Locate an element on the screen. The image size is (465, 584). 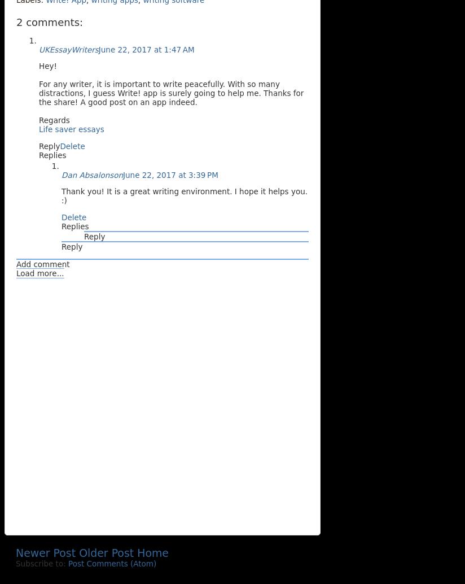
'Regards' is located at coordinates (53, 120).